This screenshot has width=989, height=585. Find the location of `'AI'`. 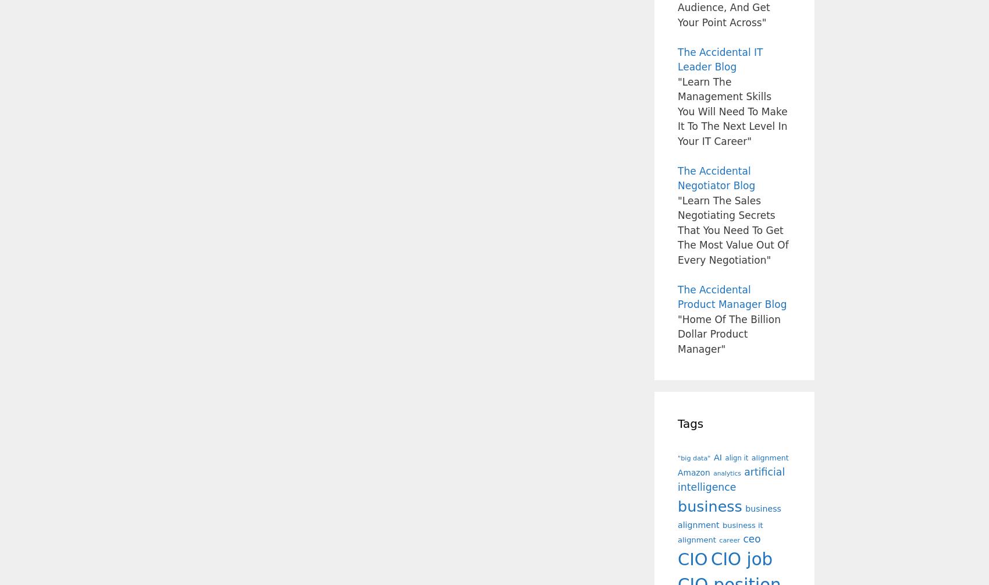

'AI' is located at coordinates (713, 458).